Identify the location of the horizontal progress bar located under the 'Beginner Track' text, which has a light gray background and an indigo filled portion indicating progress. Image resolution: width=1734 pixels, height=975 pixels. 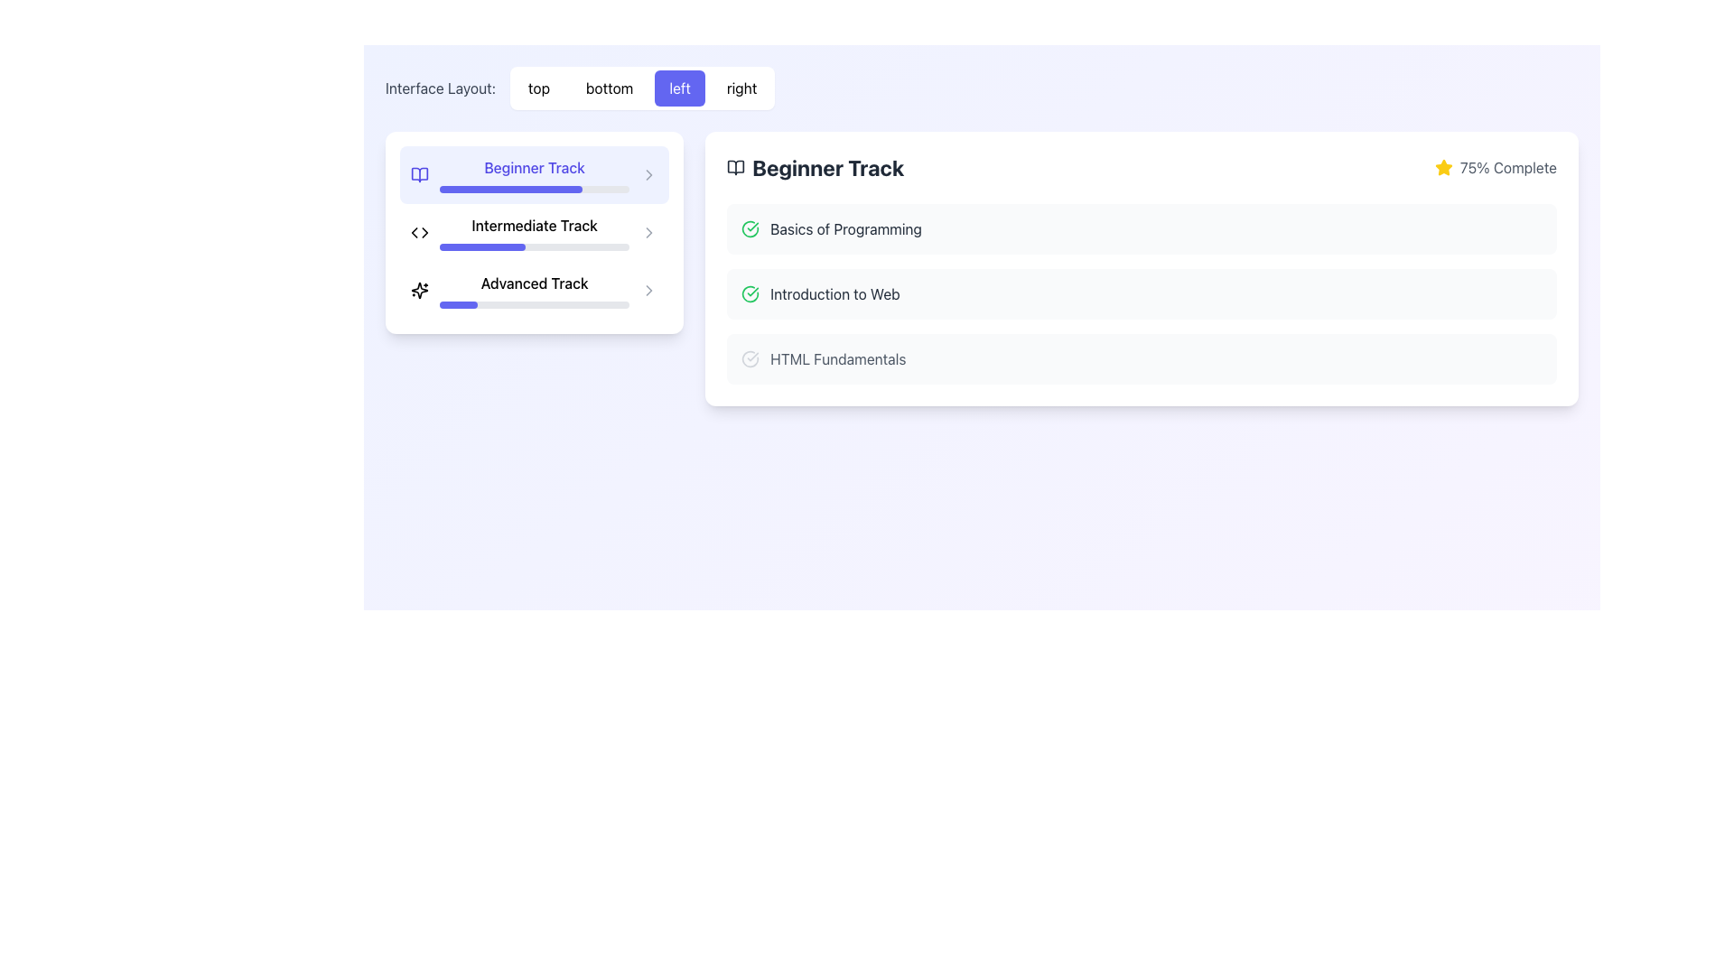
(534, 189).